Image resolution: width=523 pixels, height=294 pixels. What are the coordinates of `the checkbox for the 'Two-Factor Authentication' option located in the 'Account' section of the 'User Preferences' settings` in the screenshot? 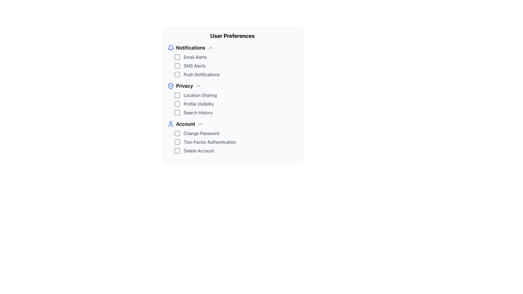 It's located at (177, 142).